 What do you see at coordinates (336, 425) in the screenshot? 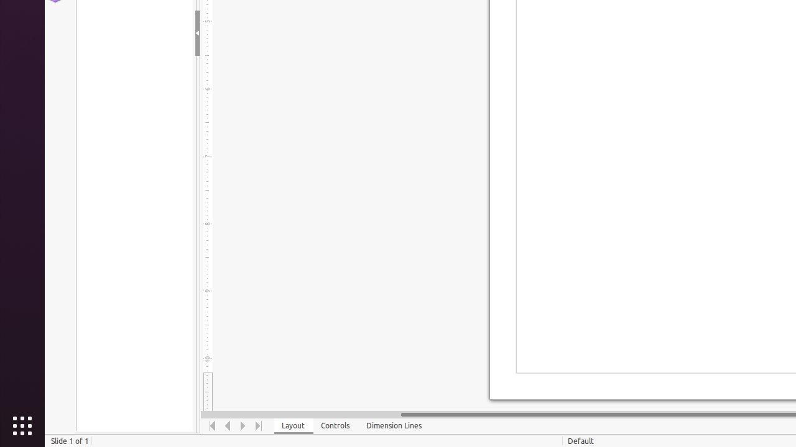
I see `'Controls'` at bounding box center [336, 425].